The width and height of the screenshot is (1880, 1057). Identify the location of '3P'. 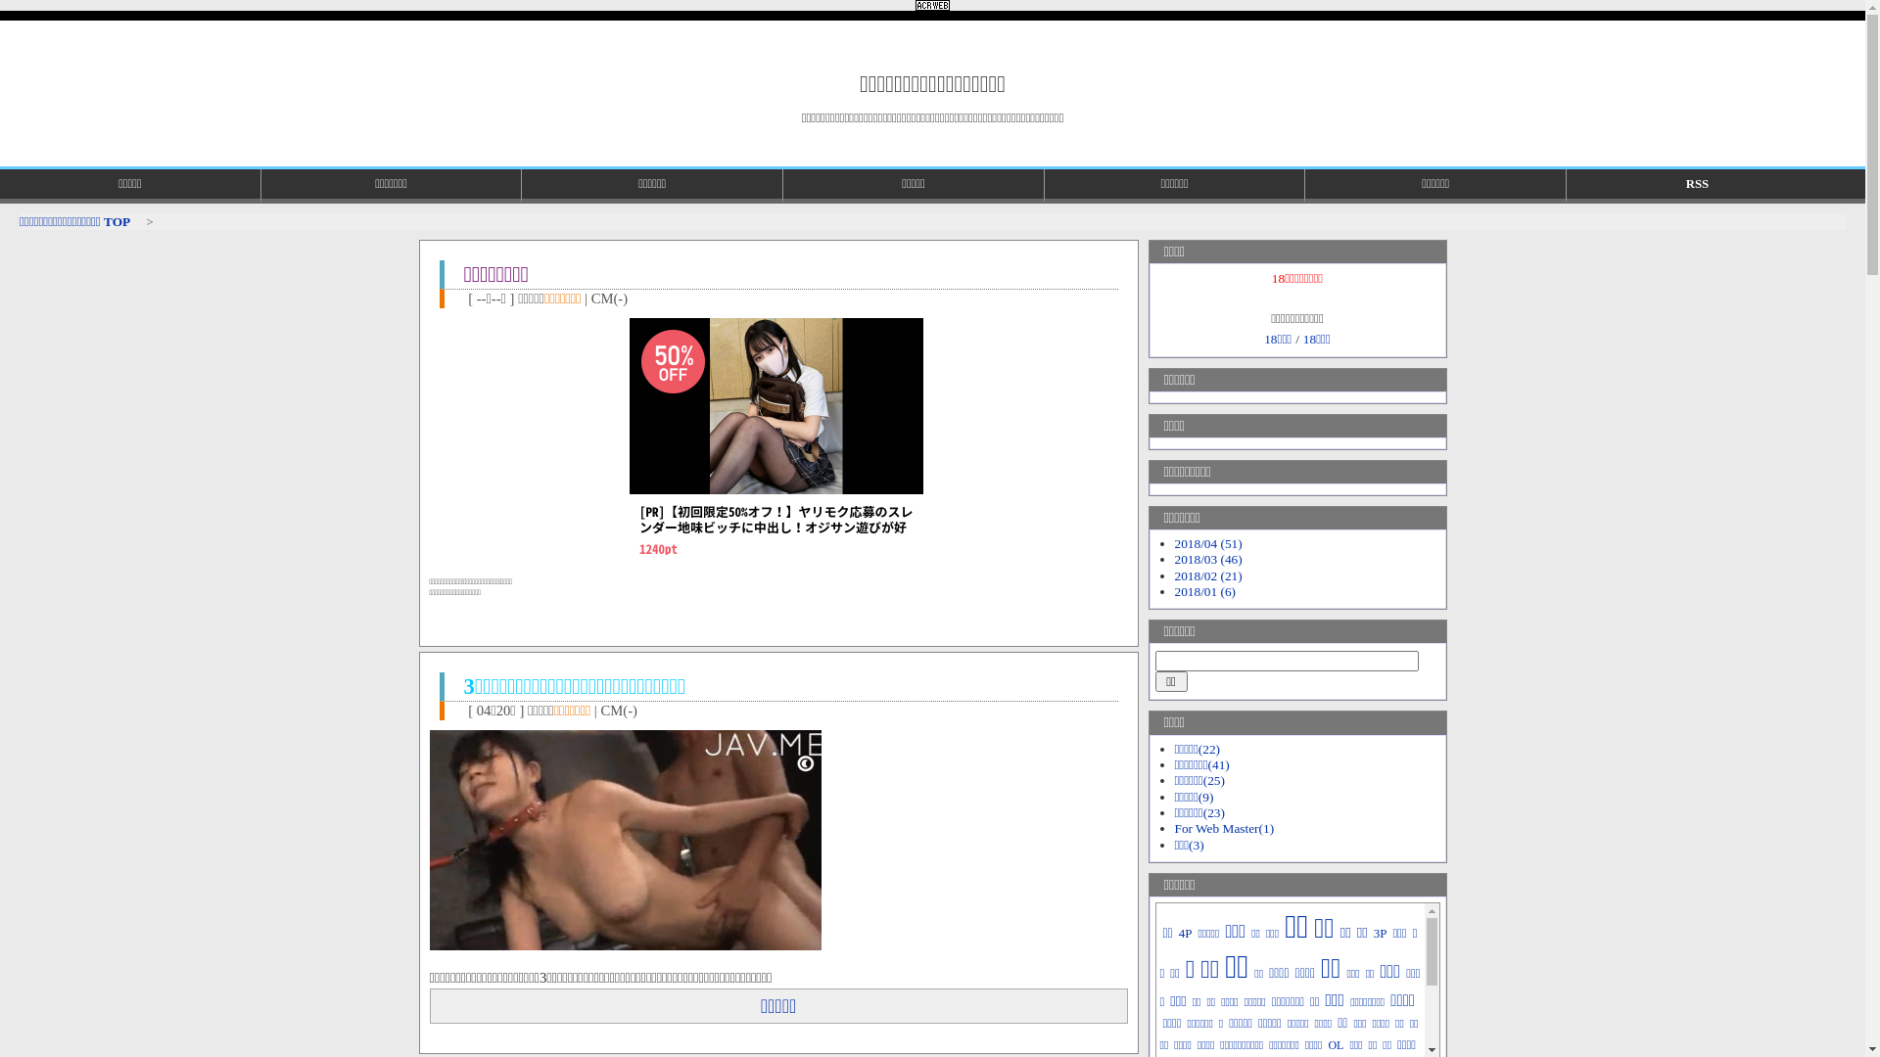
(1380, 932).